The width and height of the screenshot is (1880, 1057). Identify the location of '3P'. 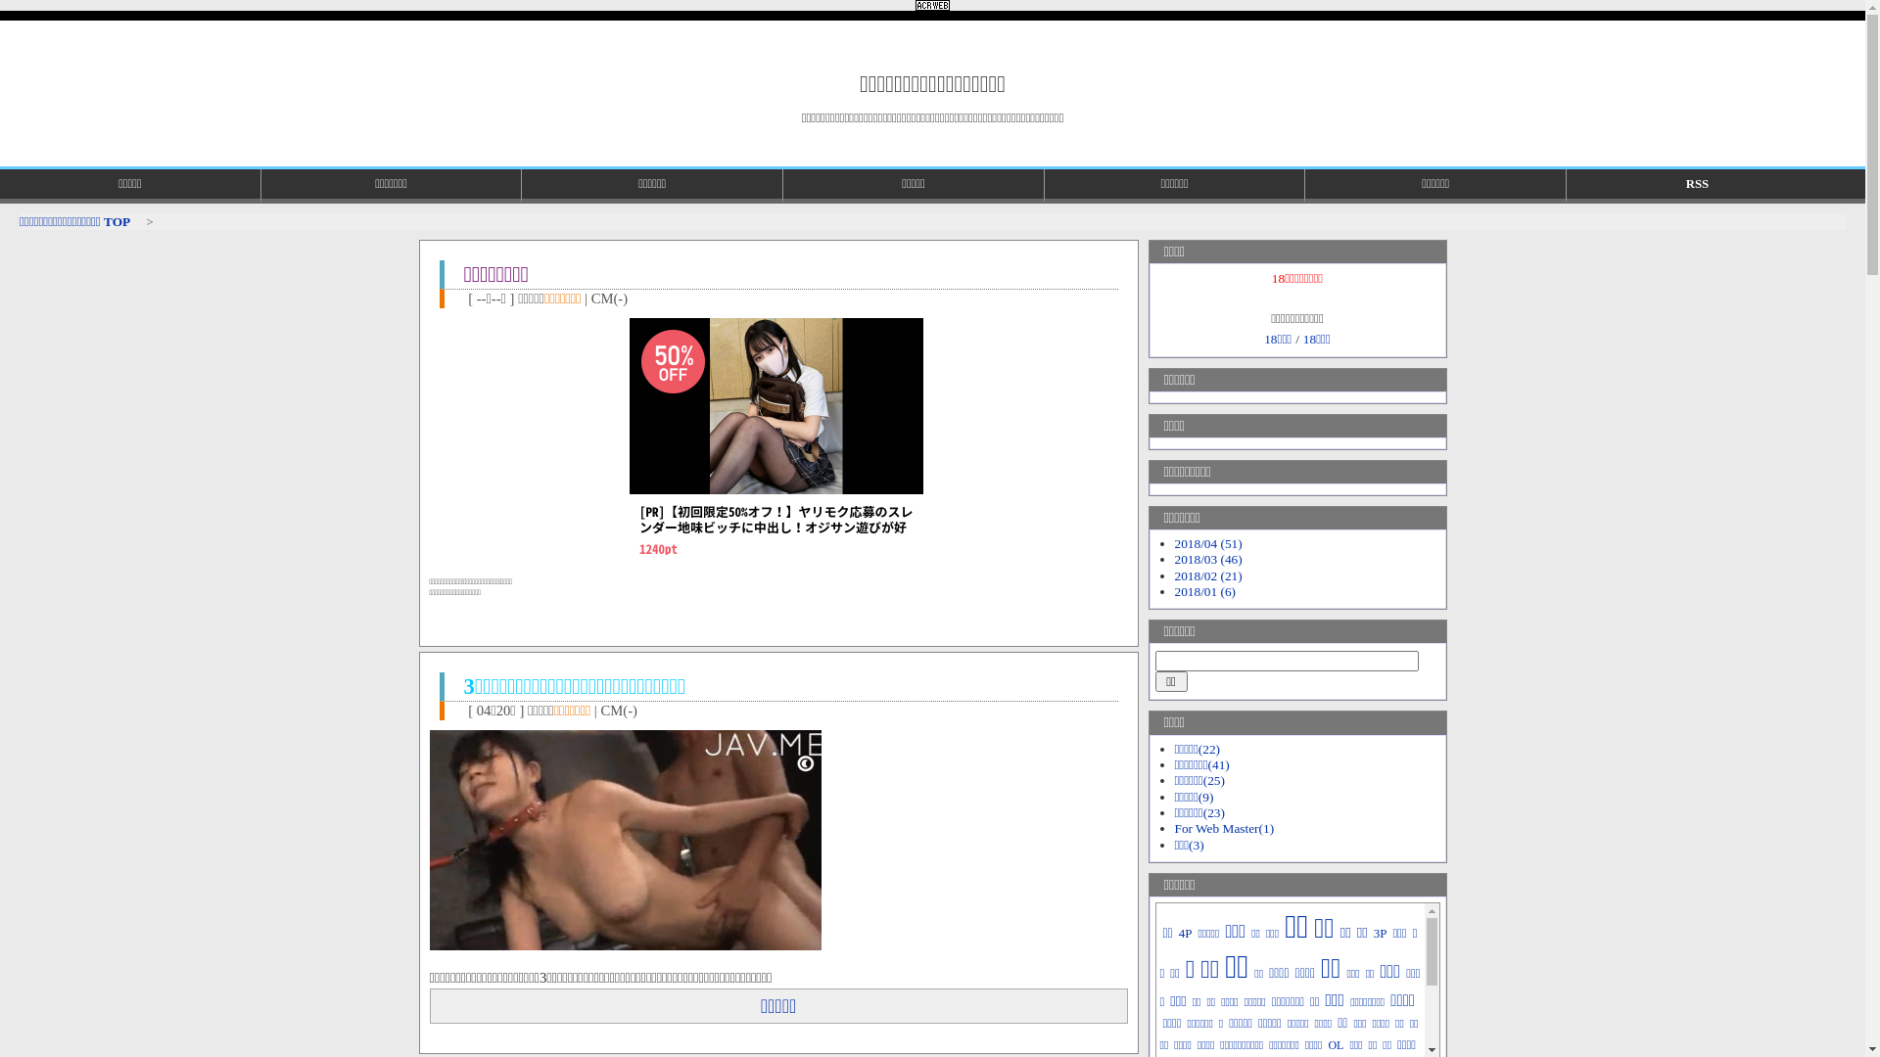
(1380, 932).